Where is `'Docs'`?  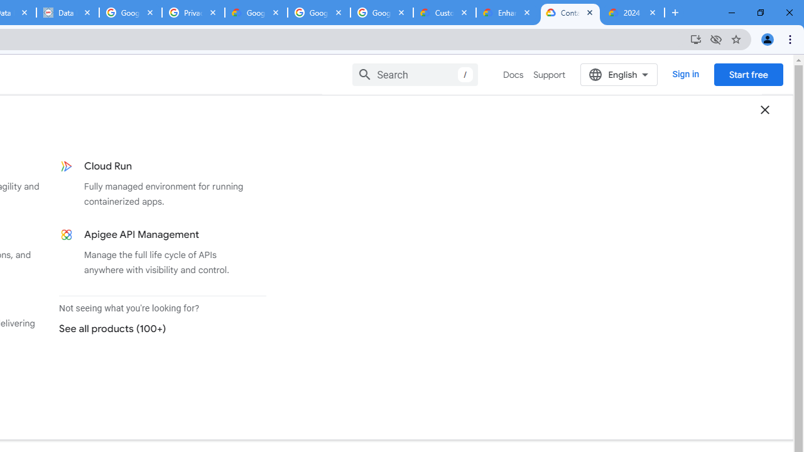 'Docs' is located at coordinates (513, 75).